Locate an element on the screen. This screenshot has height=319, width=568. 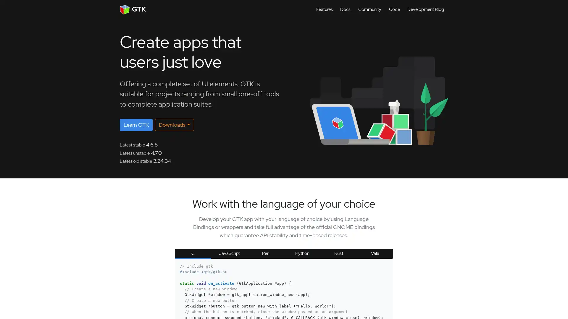
Learn GTK is located at coordinates (136, 125).